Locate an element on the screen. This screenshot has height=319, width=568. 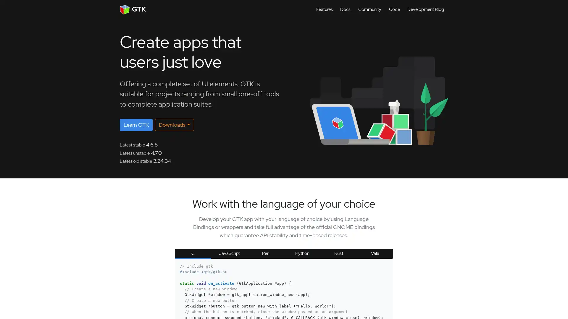
Learn GTK is located at coordinates (136, 125).